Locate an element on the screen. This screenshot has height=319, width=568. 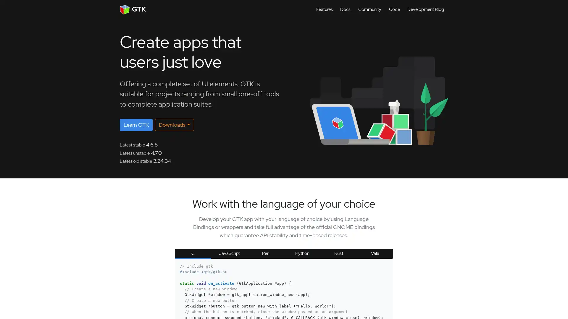
Learn GTK is located at coordinates (136, 125).